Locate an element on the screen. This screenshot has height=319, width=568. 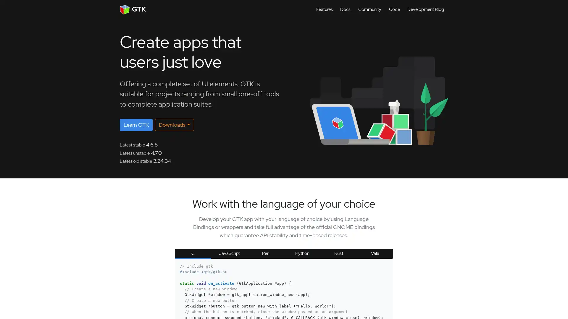
Learn GTK is located at coordinates (136, 125).